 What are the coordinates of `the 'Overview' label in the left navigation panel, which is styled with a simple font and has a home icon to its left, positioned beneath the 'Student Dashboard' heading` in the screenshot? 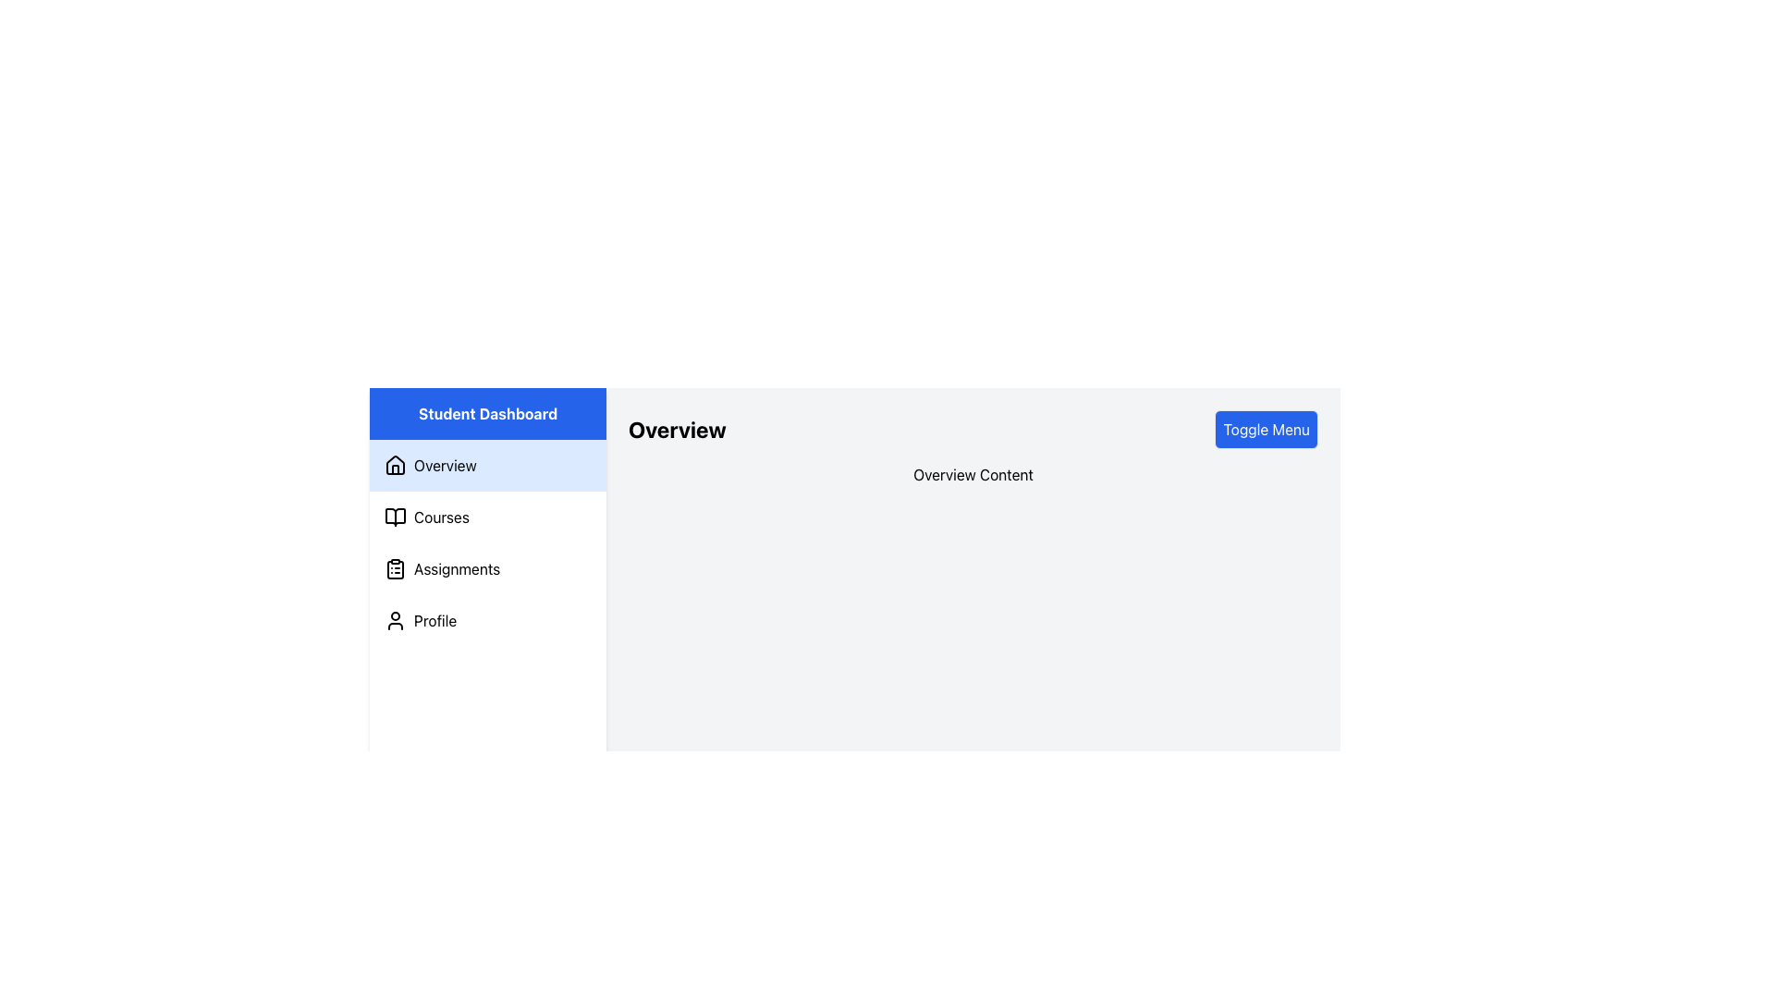 It's located at (445, 465).